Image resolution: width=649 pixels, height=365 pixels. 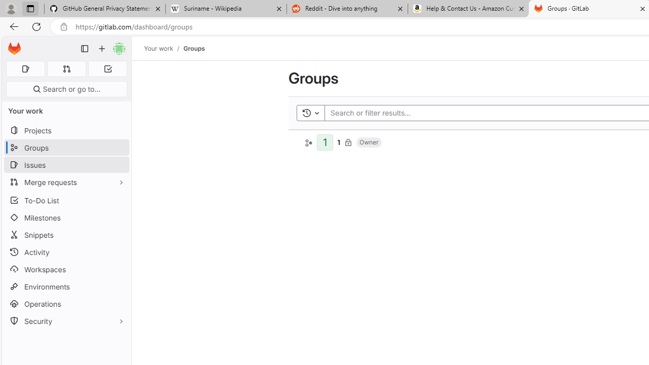 I want to click on 'Operations', so click(x=66, y=303).